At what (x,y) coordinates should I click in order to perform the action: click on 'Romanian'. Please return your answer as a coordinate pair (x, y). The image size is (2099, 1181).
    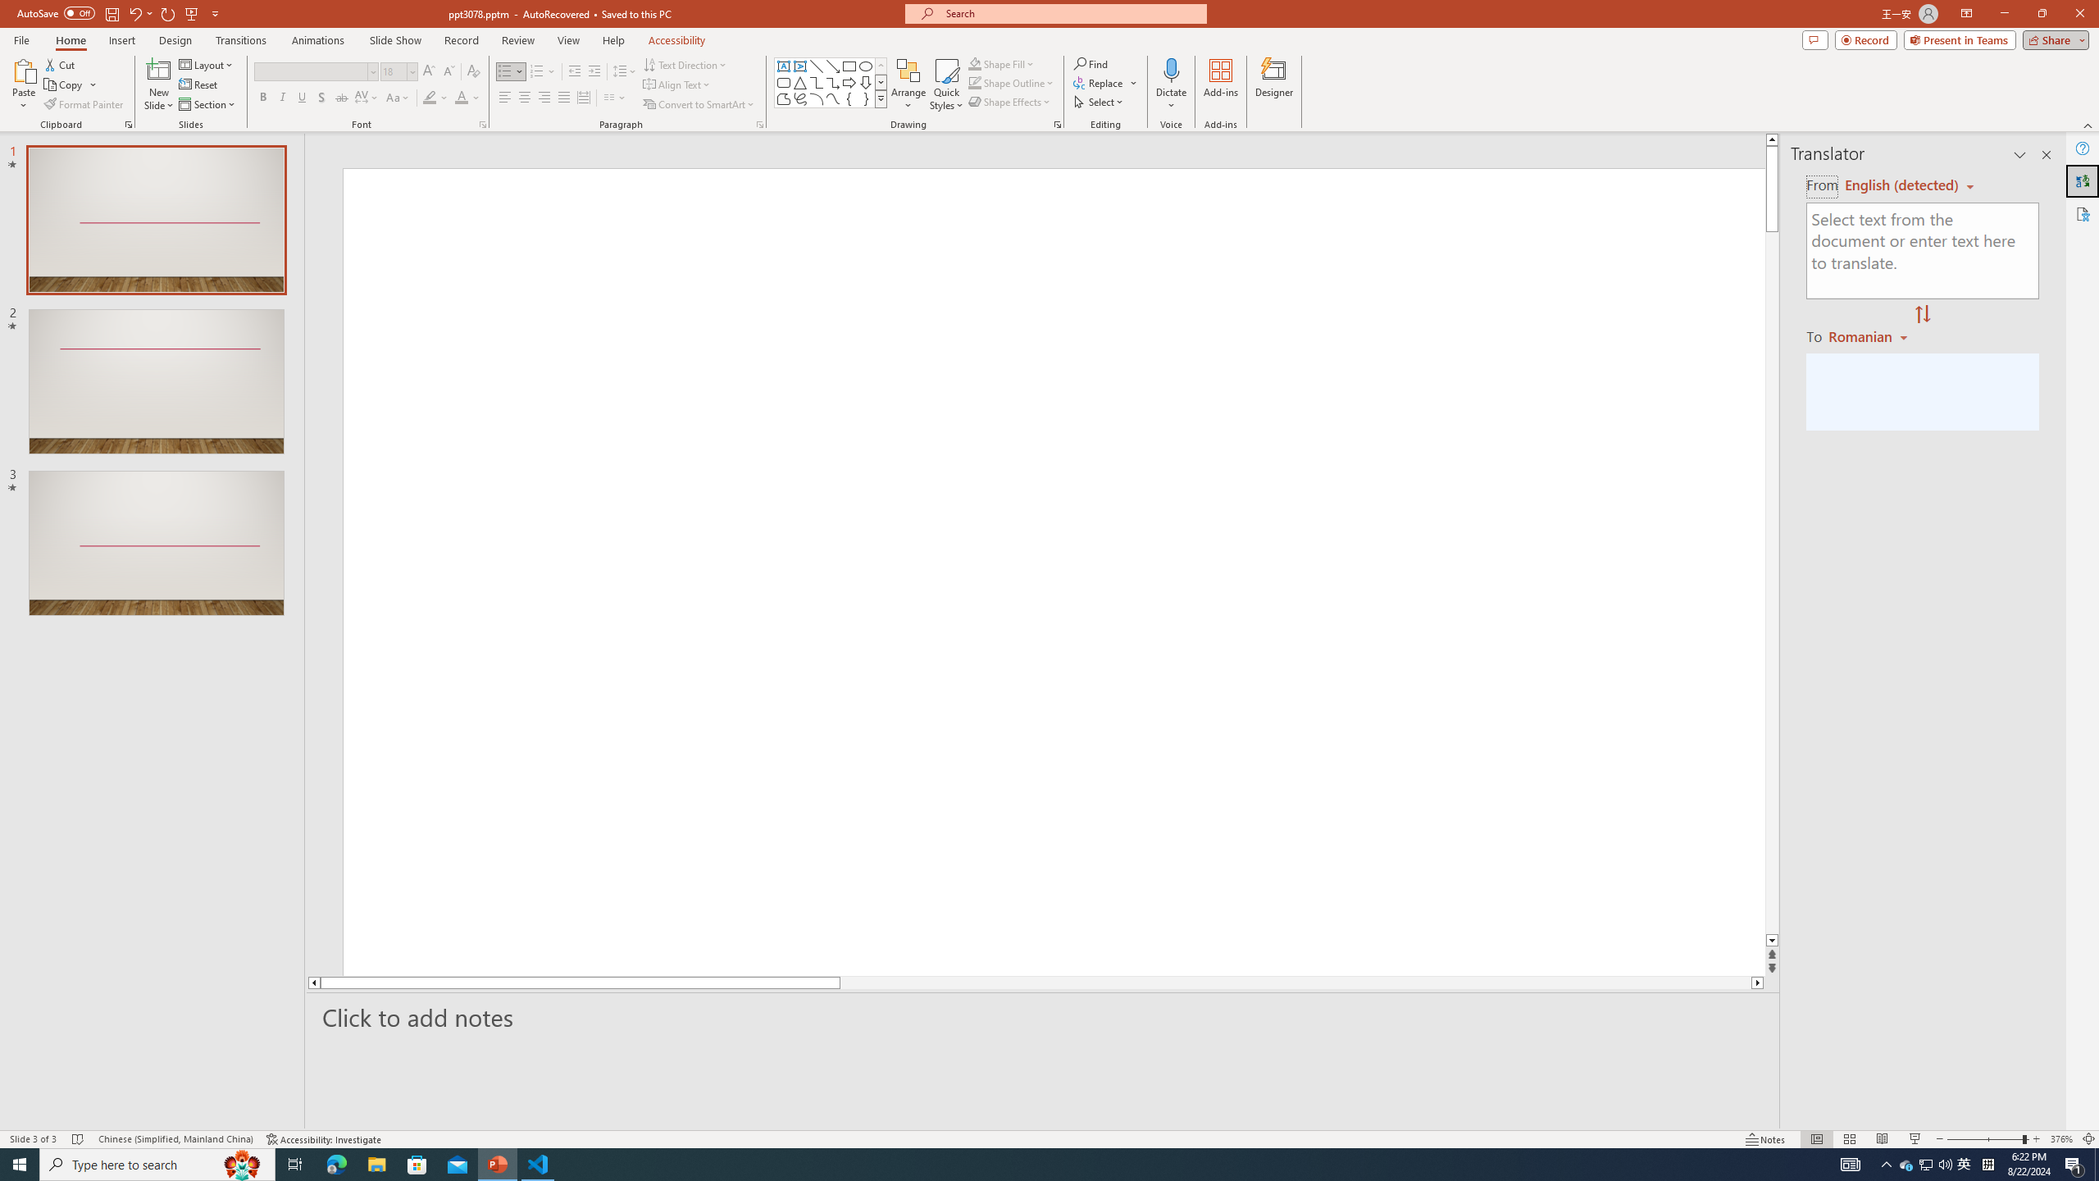
    Looking at the image, I should click on (1869, 335).